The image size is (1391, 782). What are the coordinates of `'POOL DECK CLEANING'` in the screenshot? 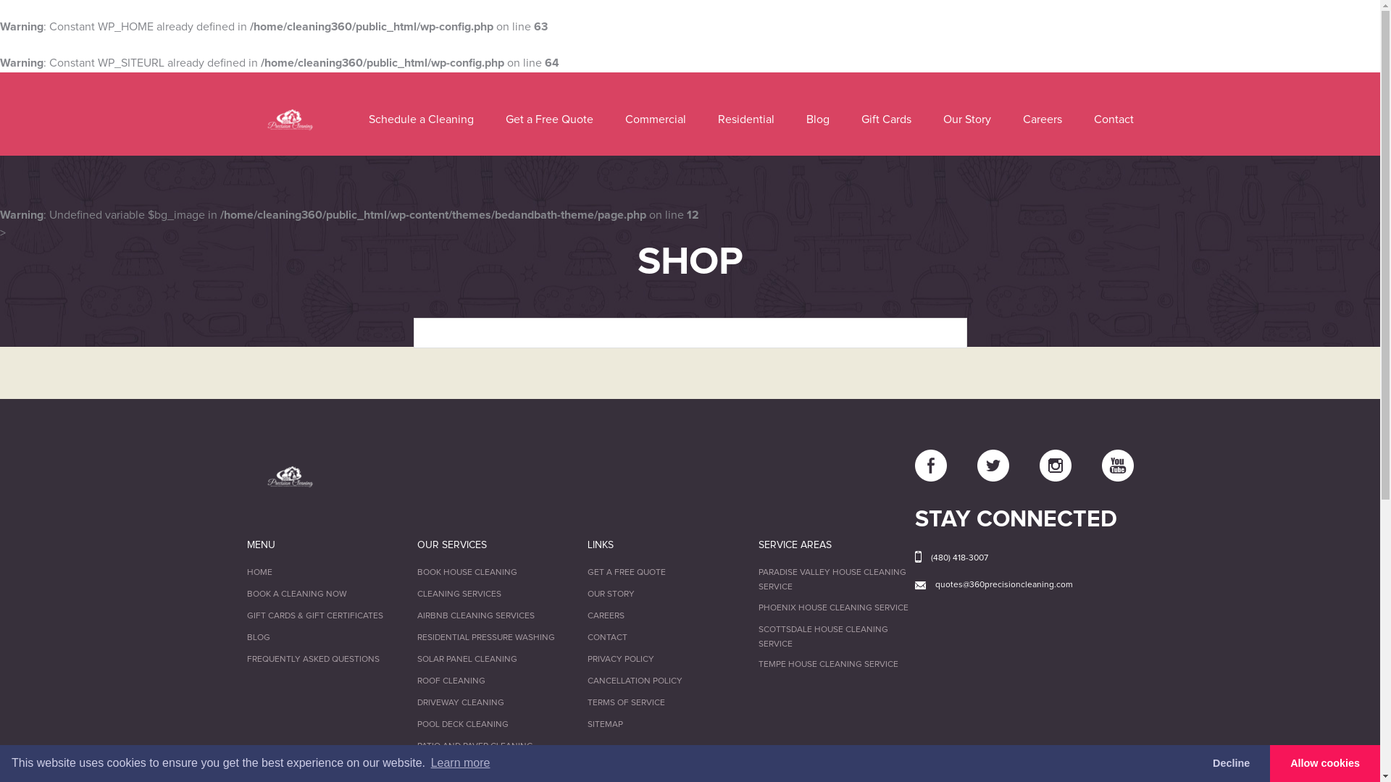 It's located at (461, 725).